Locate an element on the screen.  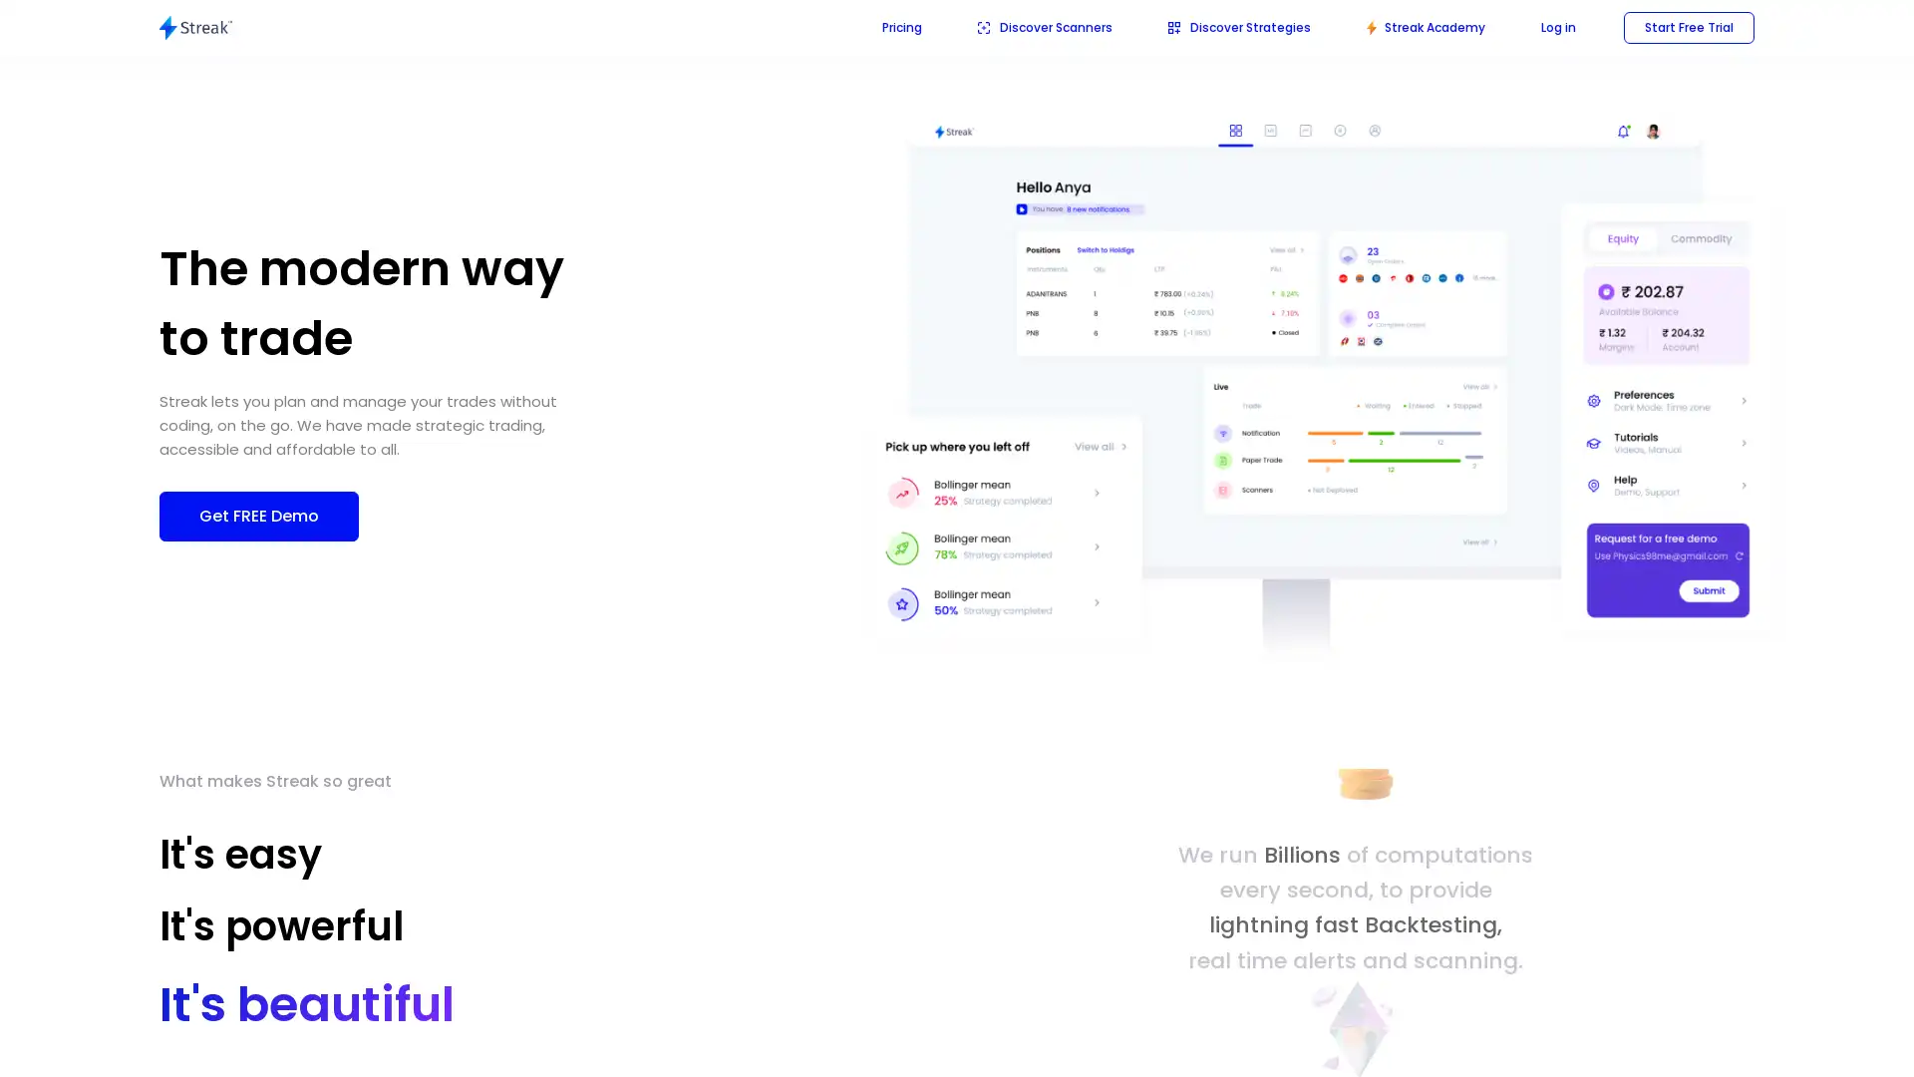
It's easy is located at coordinates (239, 853).